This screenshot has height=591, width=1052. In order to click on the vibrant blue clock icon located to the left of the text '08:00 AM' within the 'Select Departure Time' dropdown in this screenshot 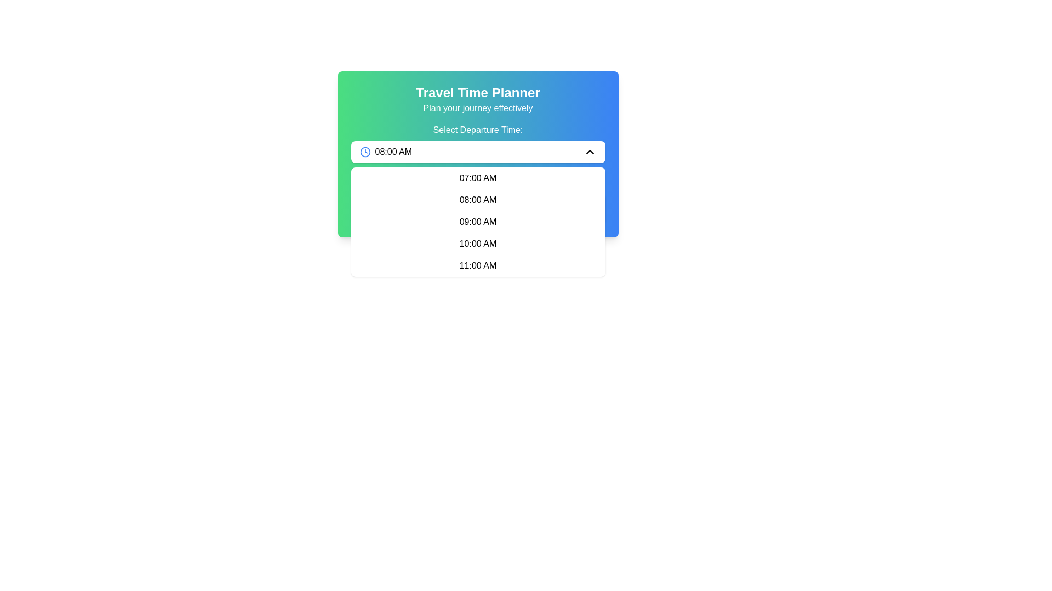, I will do `click(365, 152)`.